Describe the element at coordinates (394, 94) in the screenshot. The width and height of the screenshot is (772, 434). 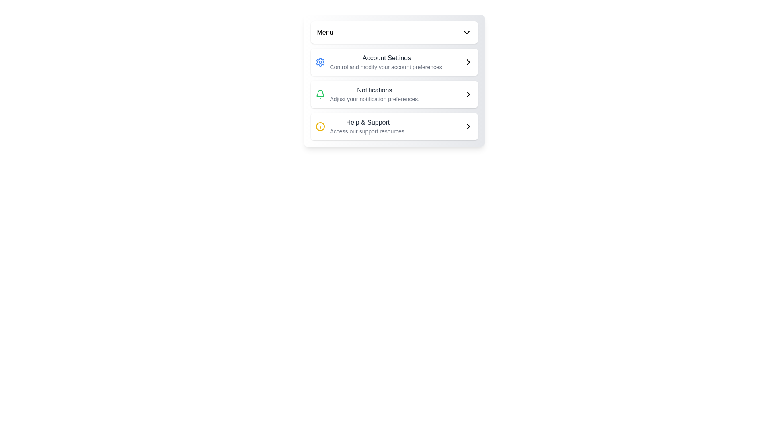
I see `the interactive menu item link for managing notification preferences, located` at that location.